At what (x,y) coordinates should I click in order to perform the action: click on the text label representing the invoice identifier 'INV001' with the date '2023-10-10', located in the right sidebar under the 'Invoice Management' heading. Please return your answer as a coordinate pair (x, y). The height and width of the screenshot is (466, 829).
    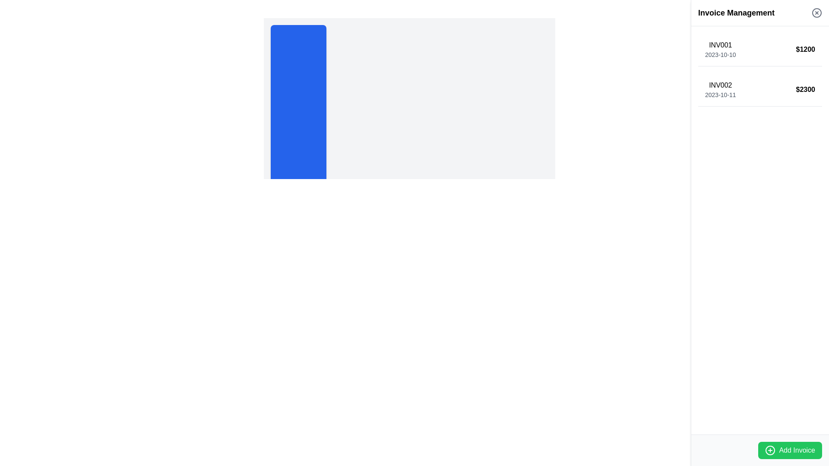
    Looking at the image, I should click on (720, 50).